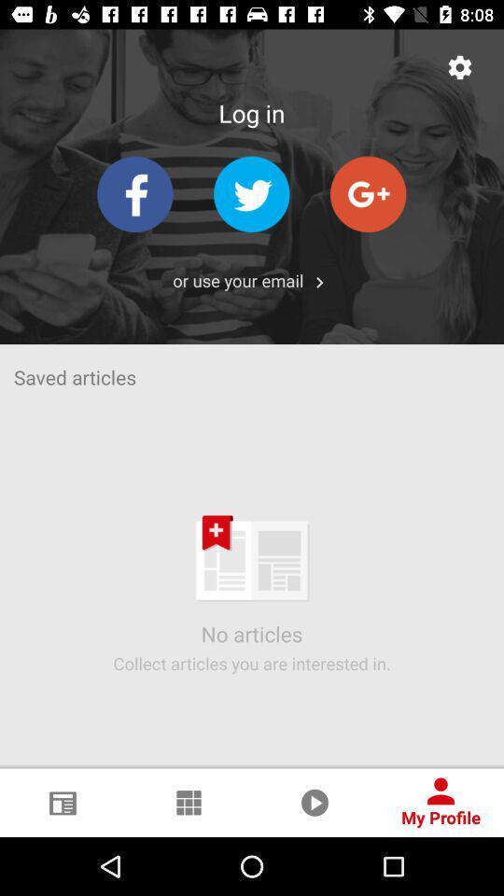  I want to click on twitter option, so click(251, 194).